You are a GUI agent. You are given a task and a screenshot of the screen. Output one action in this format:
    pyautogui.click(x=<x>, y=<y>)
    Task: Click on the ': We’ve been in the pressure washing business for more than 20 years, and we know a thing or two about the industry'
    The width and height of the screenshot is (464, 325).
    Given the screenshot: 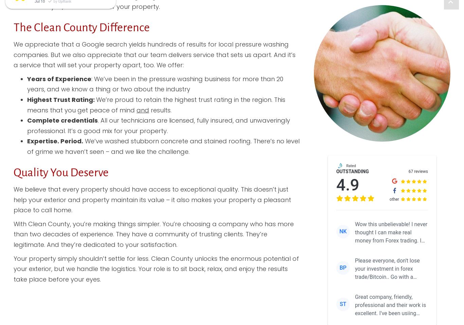 What is the action you would take?
    pyautogui.click(x=155, y=84)
    